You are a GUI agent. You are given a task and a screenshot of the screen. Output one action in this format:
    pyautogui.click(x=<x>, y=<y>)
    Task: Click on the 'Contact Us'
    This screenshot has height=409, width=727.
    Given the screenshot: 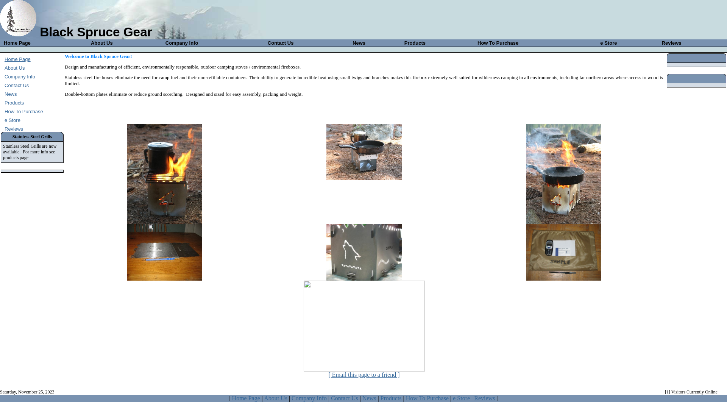 What is the action you would take?
    pyautogui.click(x=331, y=398)
    